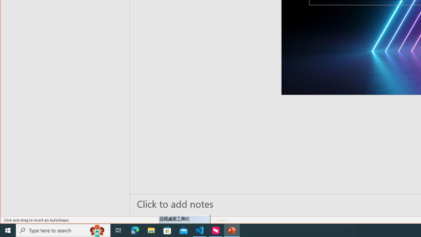  I want to click on 'Visual Studio Code - 1 running window', so click(199, 230).